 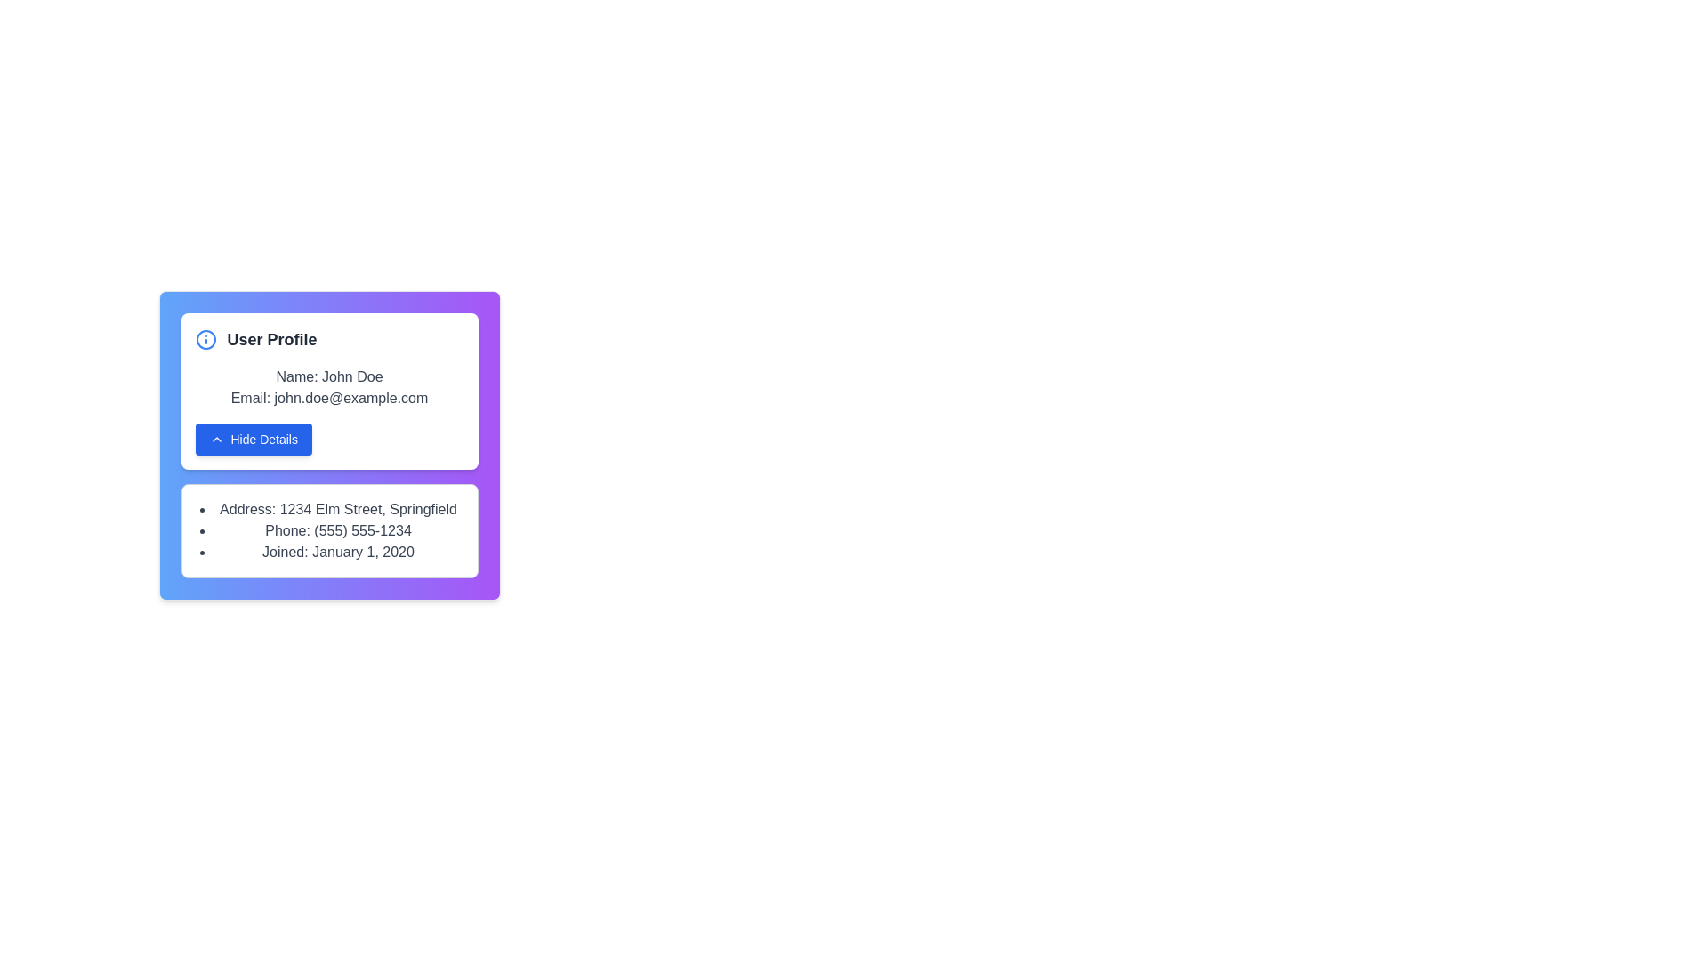 I want to click on the 'Hide Details' text label within the toggle button located below the 'User Profile' section, which has a blue background and rounded corners, so click(x=263, y=439).